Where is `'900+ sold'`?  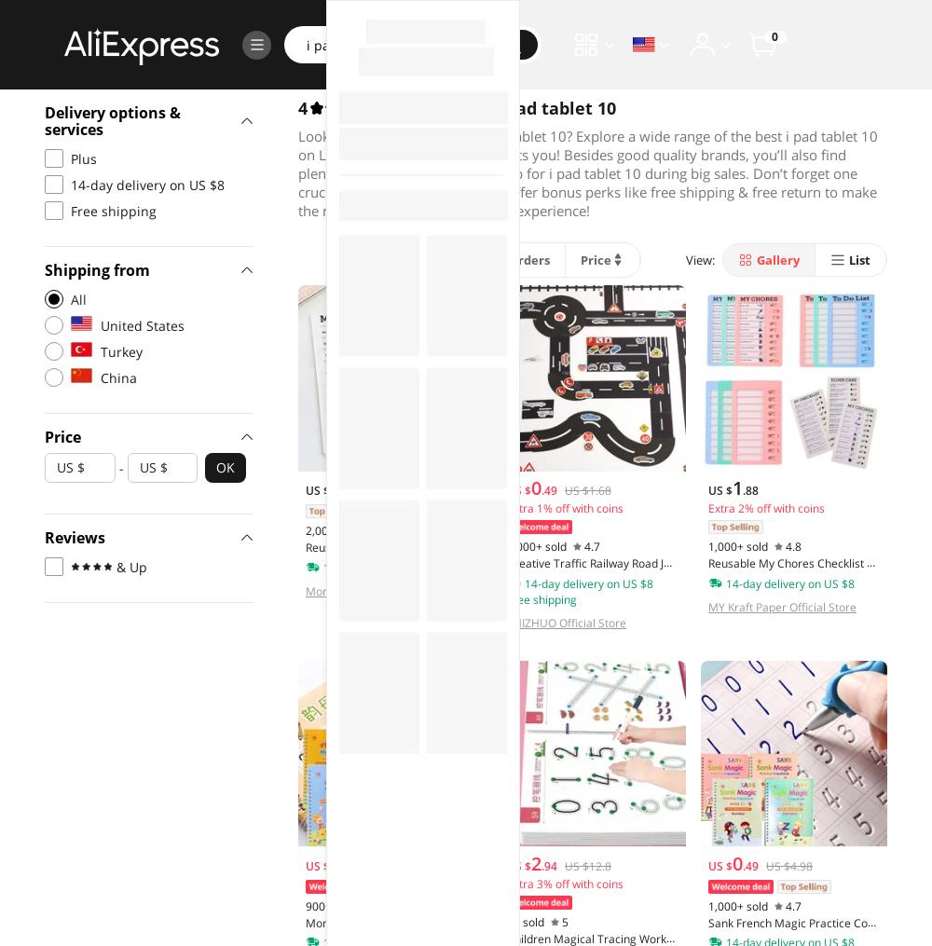
'900+ sold' is located at coordinates (330, 905).